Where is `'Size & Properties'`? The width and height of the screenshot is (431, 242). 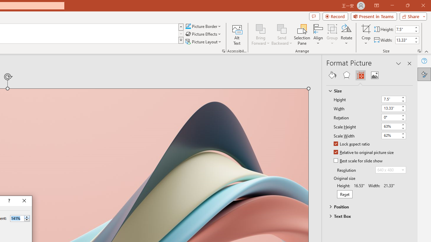
'Size & Properties' is located at coordinates (360, 75).